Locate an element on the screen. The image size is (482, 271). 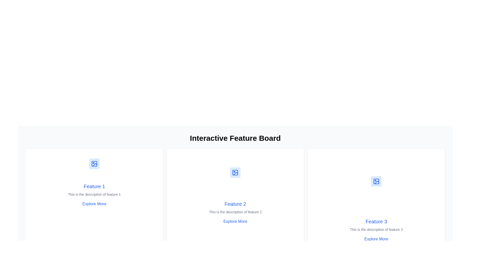
the icon containing the blue rounded rectangle element that is centered above the text 'Feature 3' is located at coordinates (376, 181).